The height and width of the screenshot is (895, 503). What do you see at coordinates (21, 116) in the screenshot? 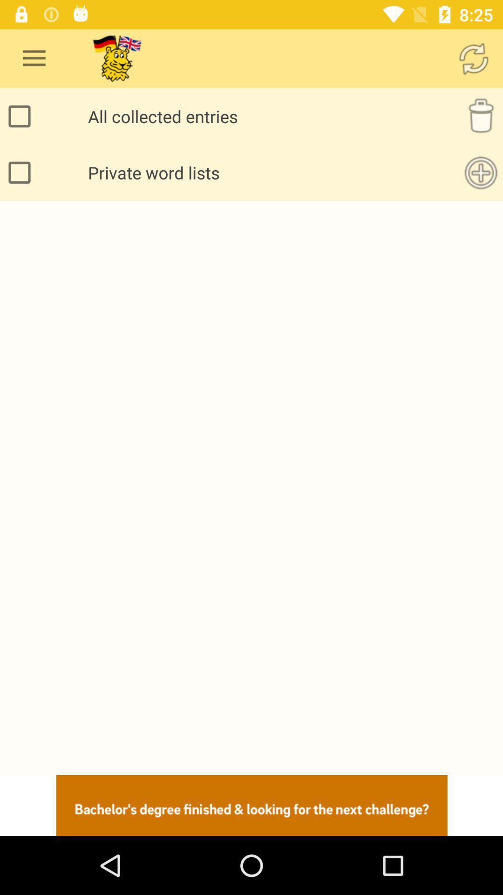
I see `all collected entries` at bounding box center [21, 116].